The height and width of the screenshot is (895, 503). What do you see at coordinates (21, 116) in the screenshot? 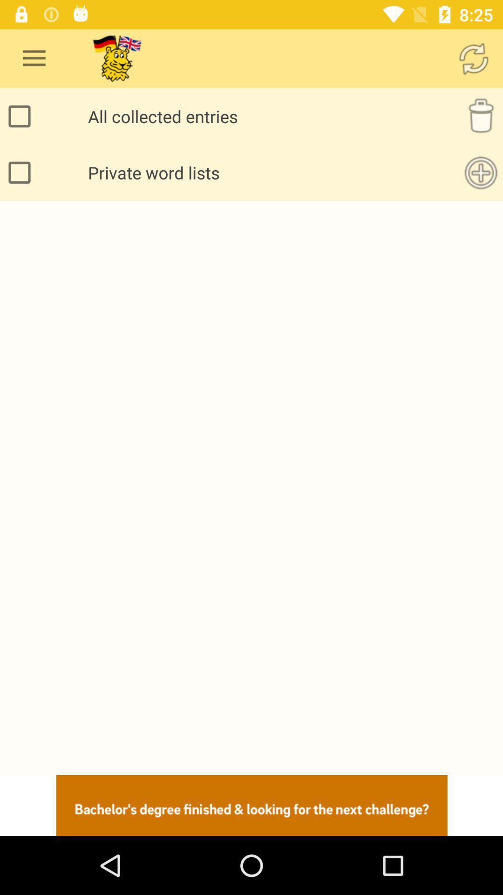
I see `all collected entries` at bounding box center [21, 116].